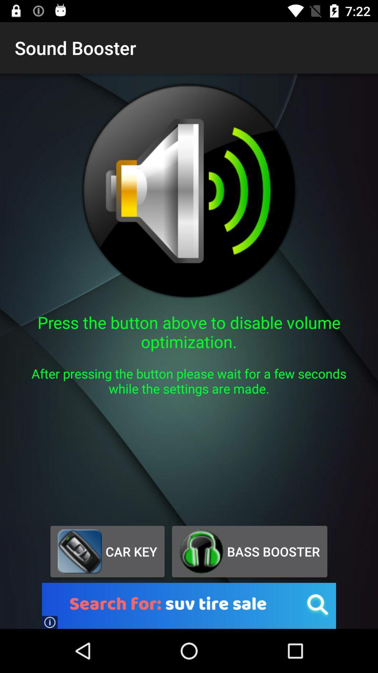 This screenshot has width=378, height=673. I want to click on the app below the after pressing the app, so click(107, 551).